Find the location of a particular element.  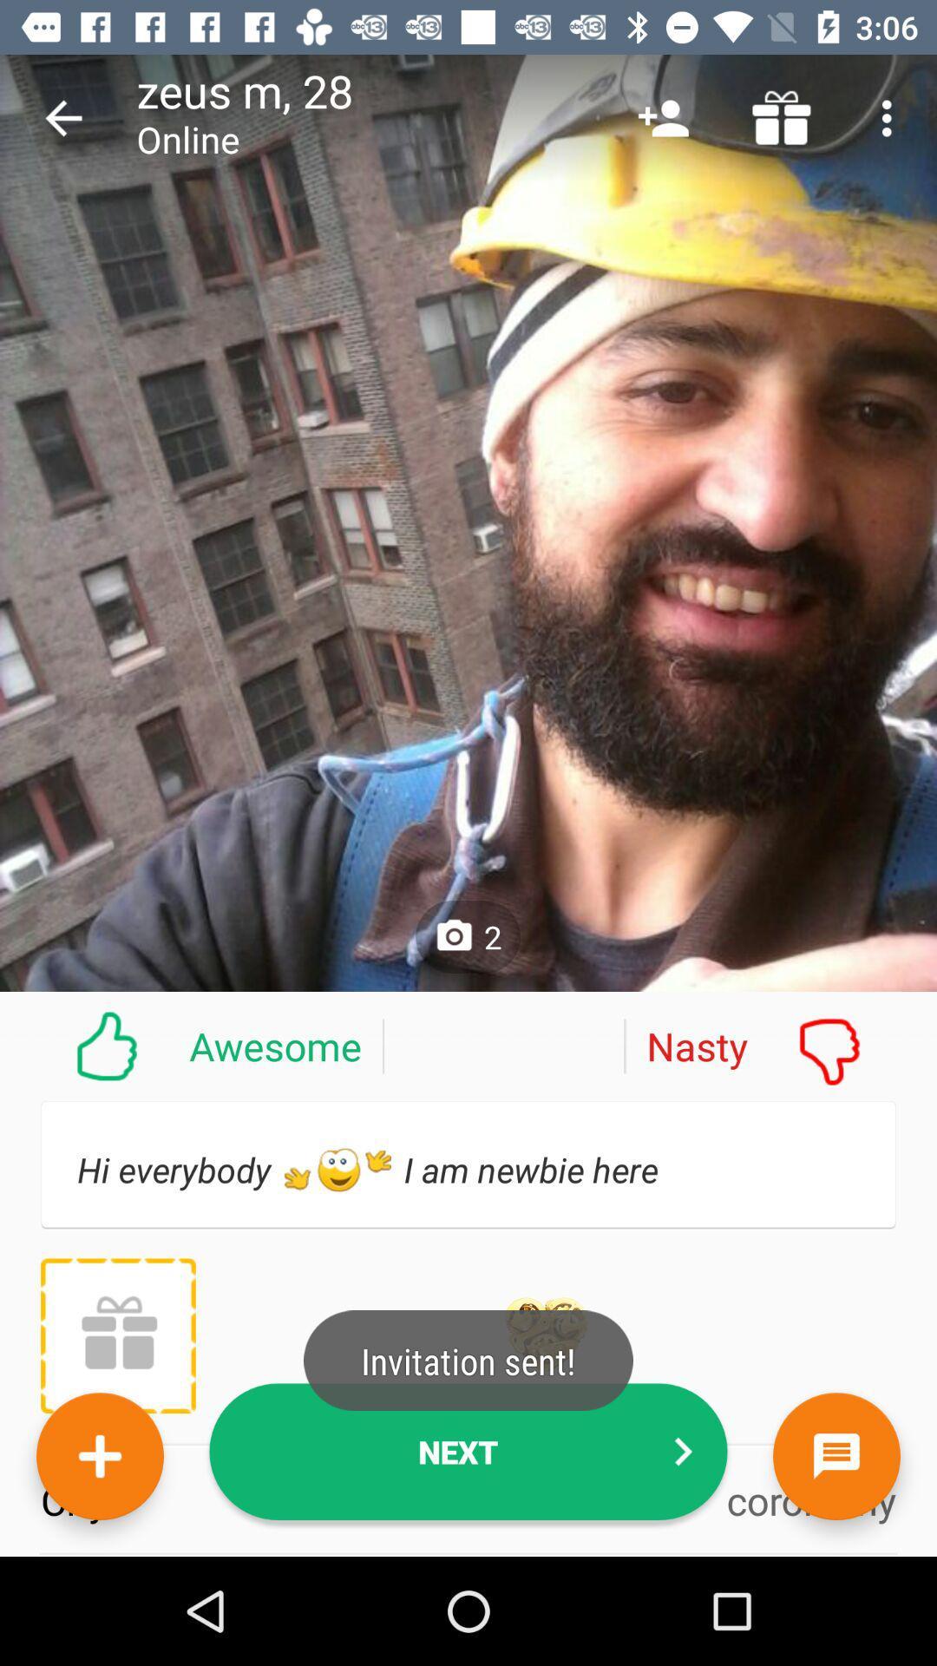

the gift icon is located at coordinates (117, 1335).